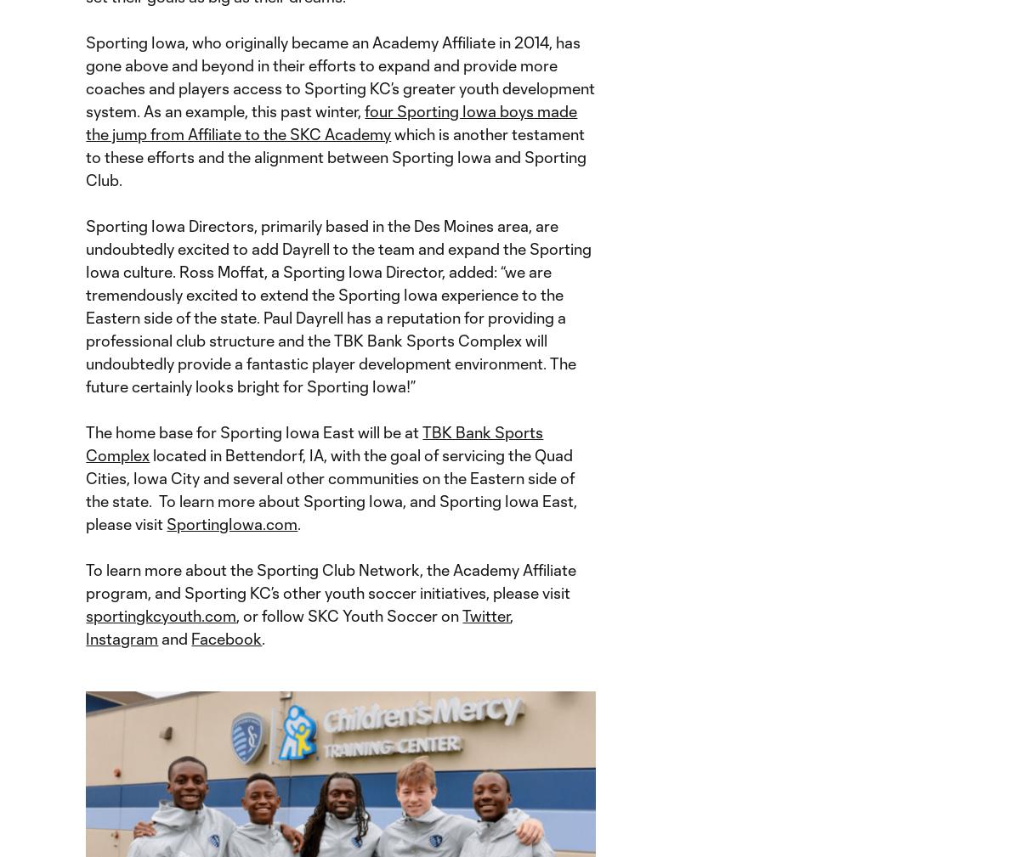 The width and height of the screenshot is (1020, 857). I want to click on 'which is another testament to these efforts and the alignment between Sporting Iowa and Sporting Club.', so click(336, 155).